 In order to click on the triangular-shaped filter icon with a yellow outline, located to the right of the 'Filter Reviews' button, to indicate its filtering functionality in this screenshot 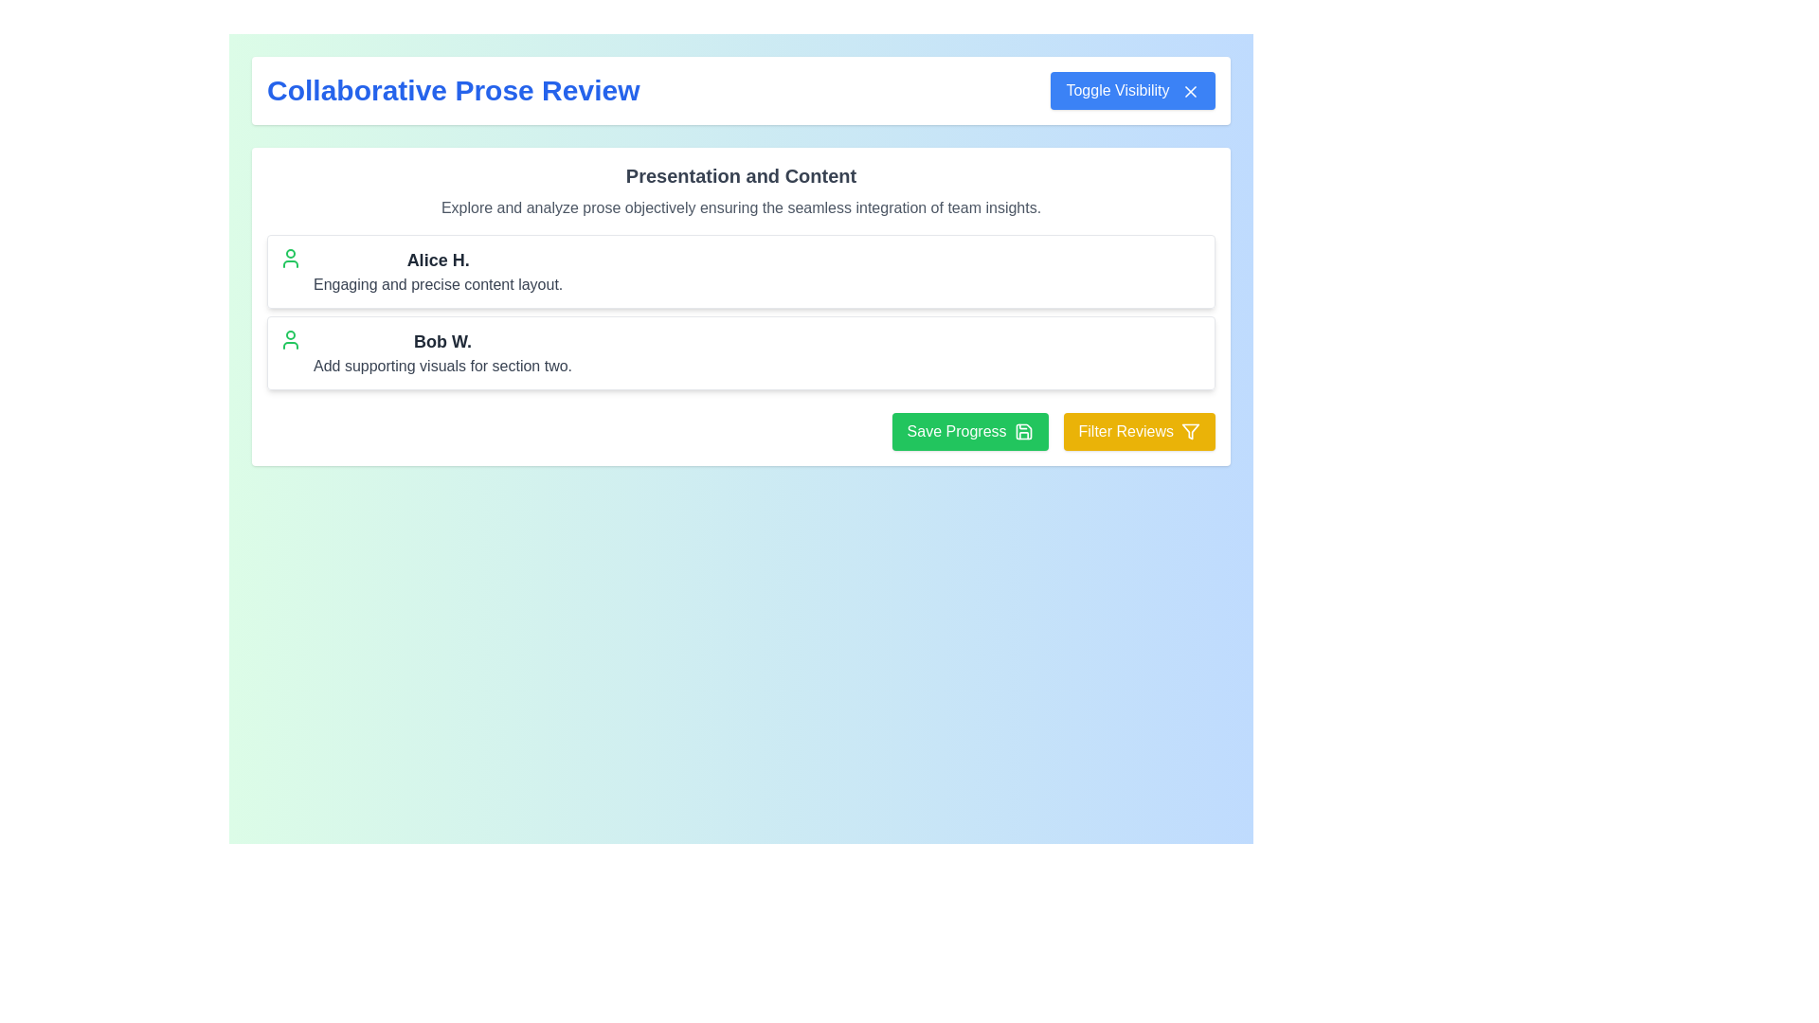, I will do `click(1190, 431)`.